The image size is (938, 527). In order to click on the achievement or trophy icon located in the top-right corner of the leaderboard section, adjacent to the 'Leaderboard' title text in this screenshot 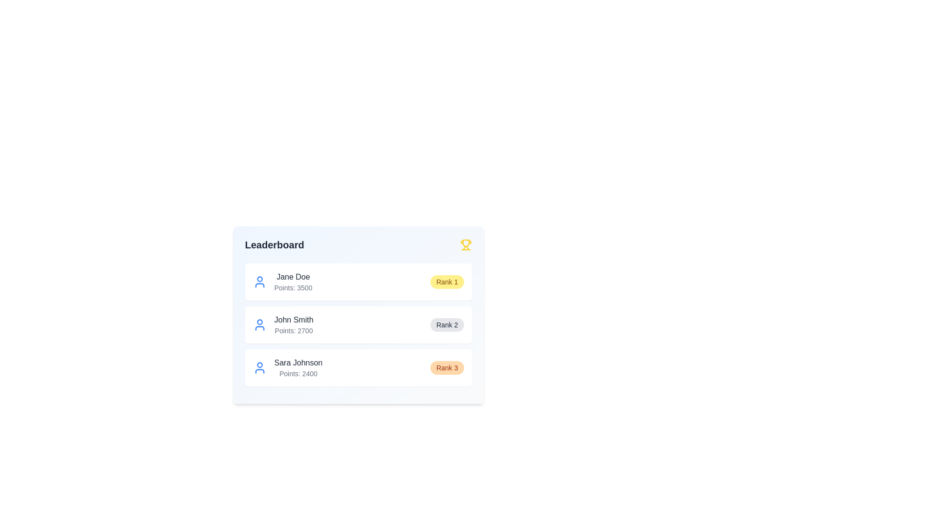, I will do `click(465, 244)`.